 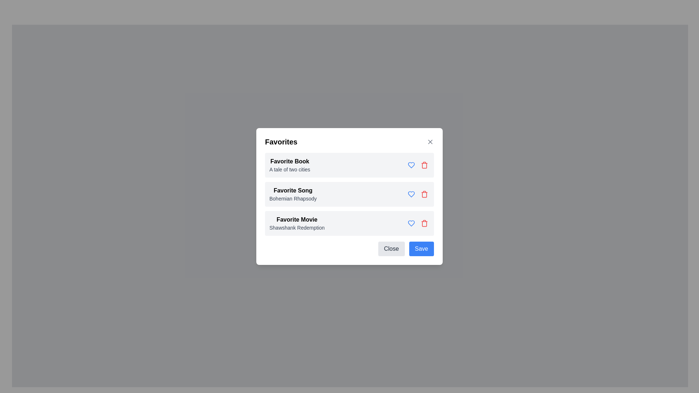 I want to click on the delete button located to the right of the text 'Bohemian Rhapsody' in the 'Favorites' modal window, so click(x=424, y=194).